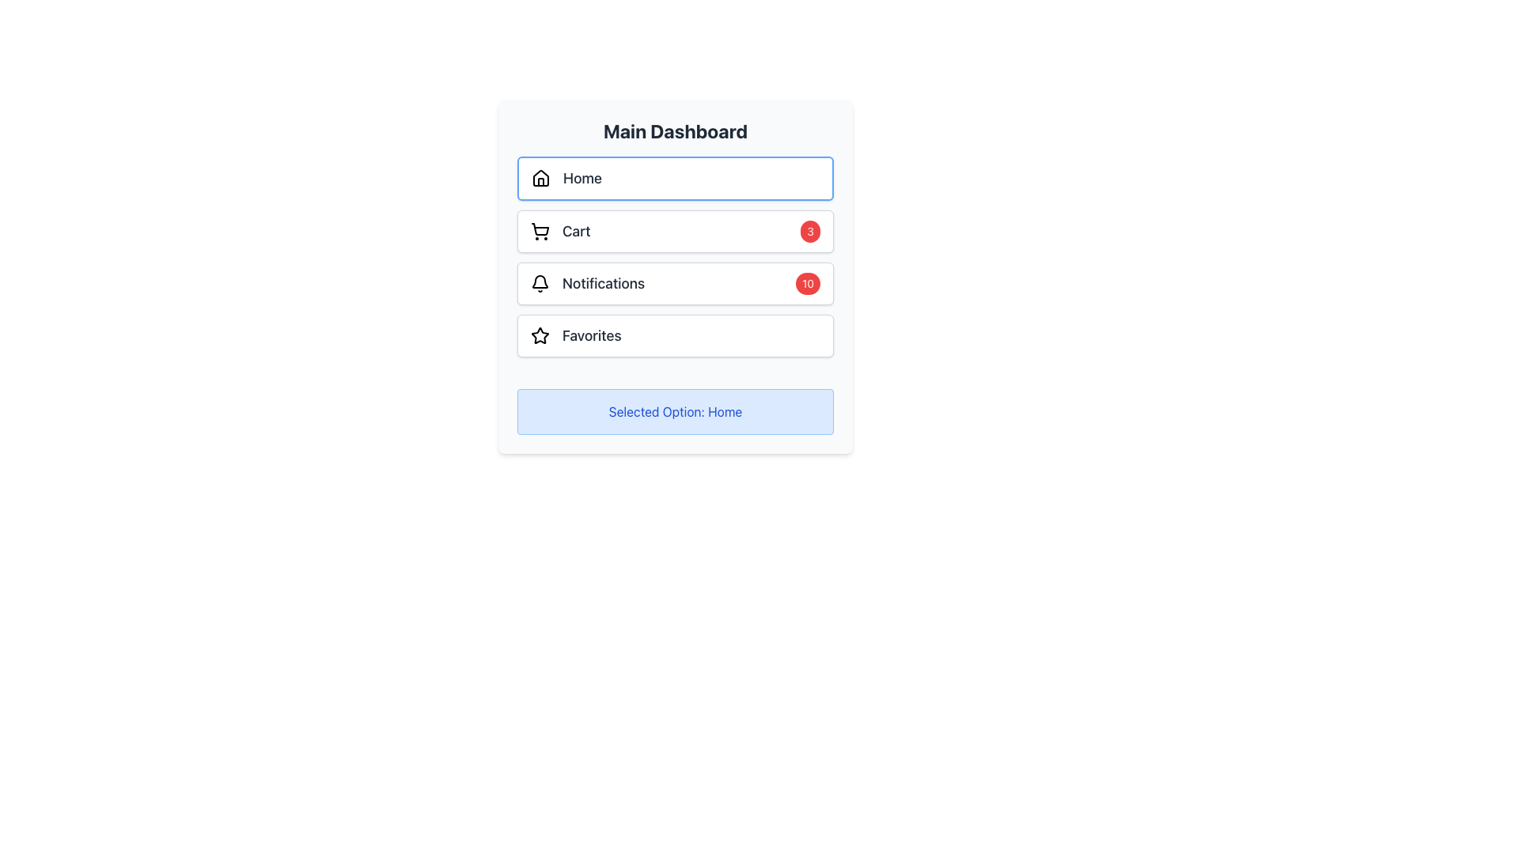  Describe the element at coordinates (676, 178) in the screenshot. I see `the 'Home' button located at the top of the navigation menu to redirect to the main page of the application` at that location.